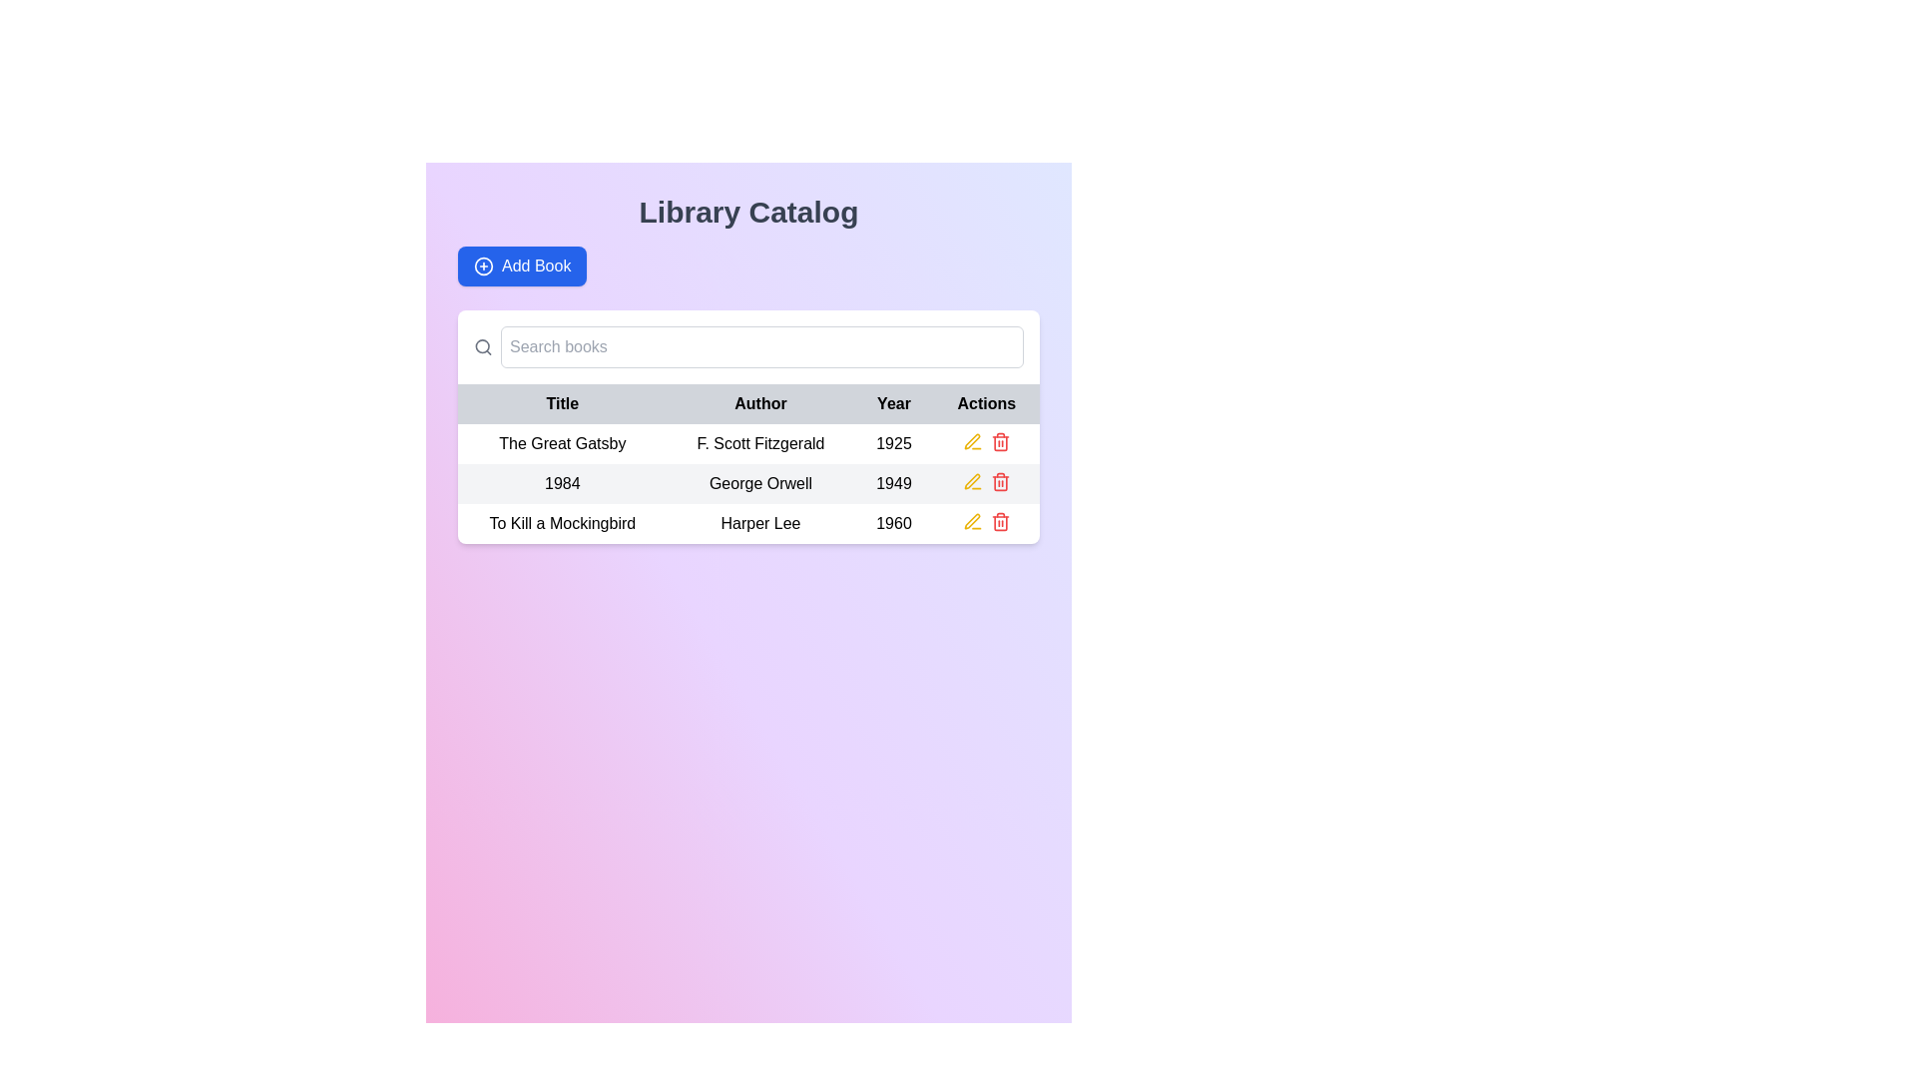  Describe the element at coordinates (561, 484) in the screenshot. I see `text value from the Text label displaying '1984' in black font, centrally aligned in the second row of the table under the 'Title' column` at that location.